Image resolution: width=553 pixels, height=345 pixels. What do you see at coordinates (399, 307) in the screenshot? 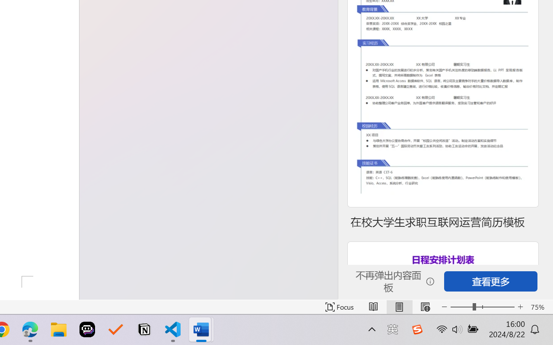
I see `'Print Layout'` at bounding box center [399, 307].